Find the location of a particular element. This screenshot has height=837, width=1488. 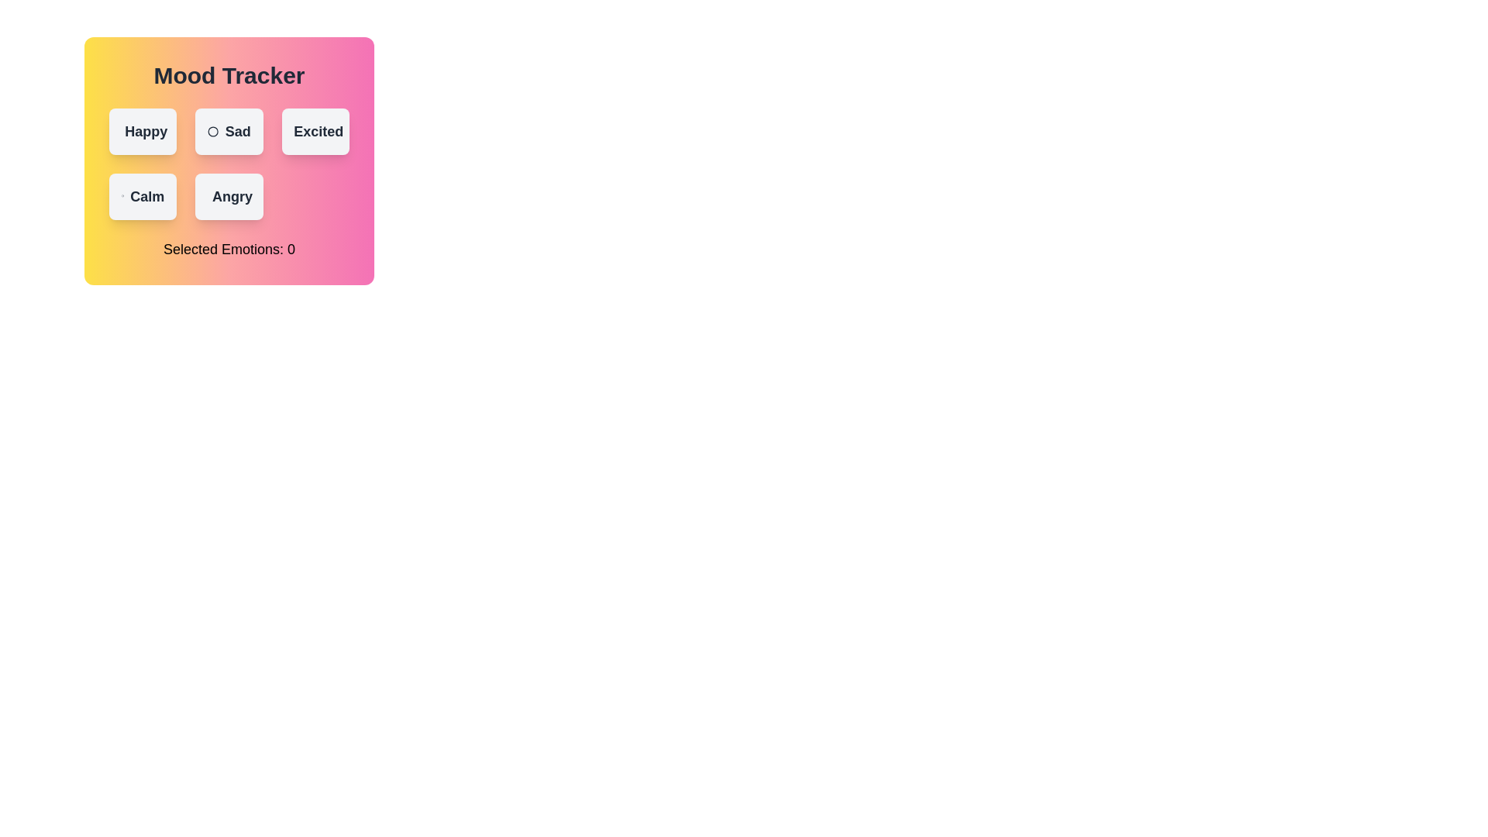

the Angry button is located at coordinates (227, 196).